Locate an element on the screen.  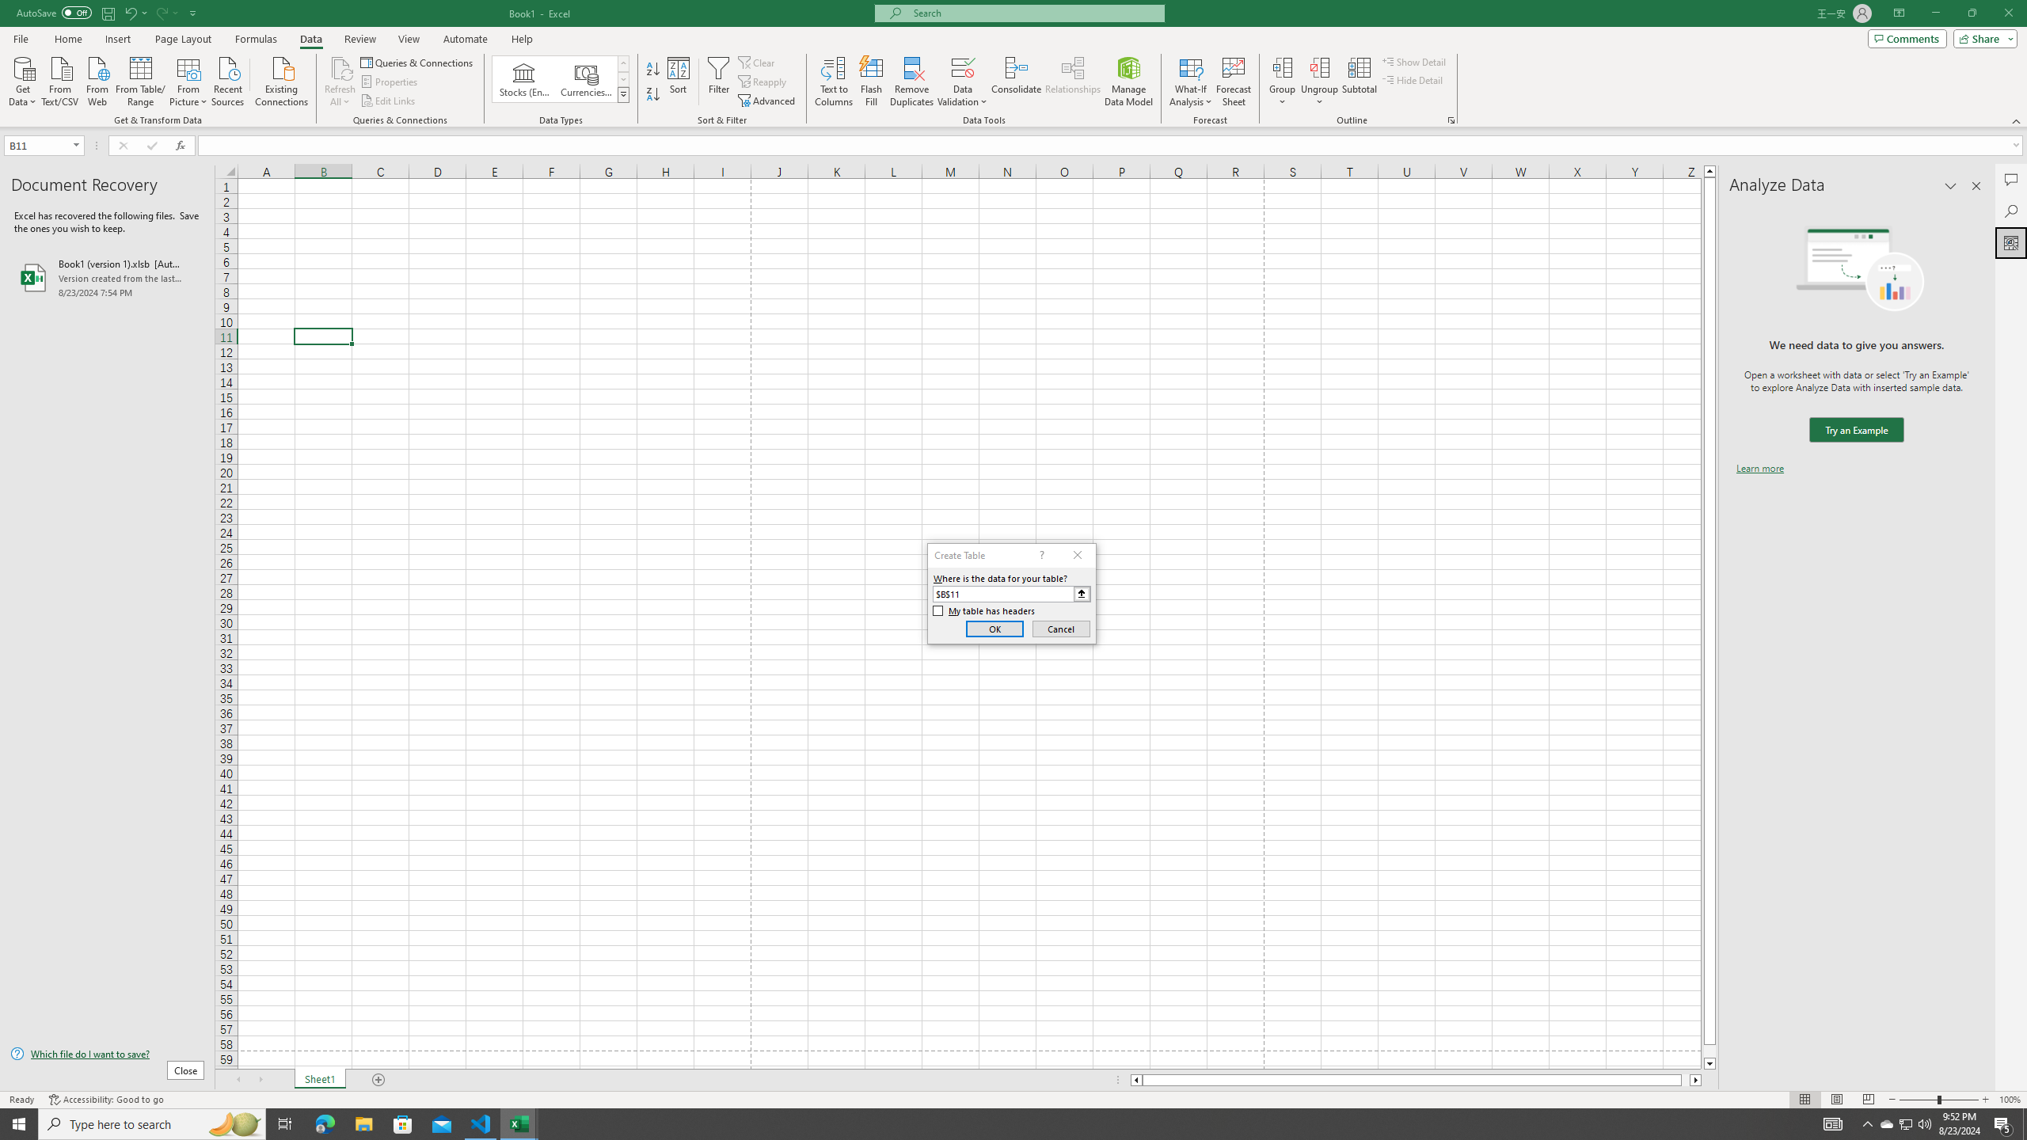
'Line down' is located at coordinates (1709, 1064).